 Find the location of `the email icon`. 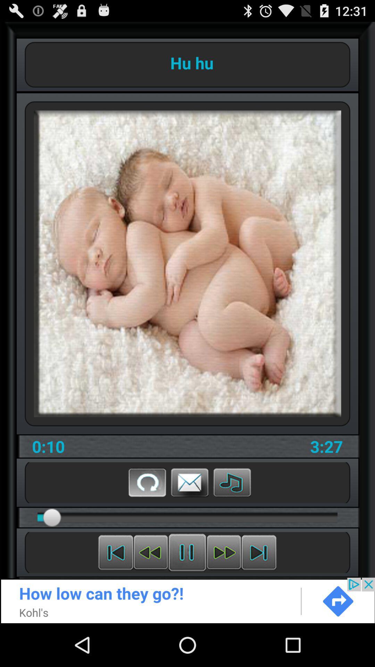

the email icon is located at coordinates (190, 516).